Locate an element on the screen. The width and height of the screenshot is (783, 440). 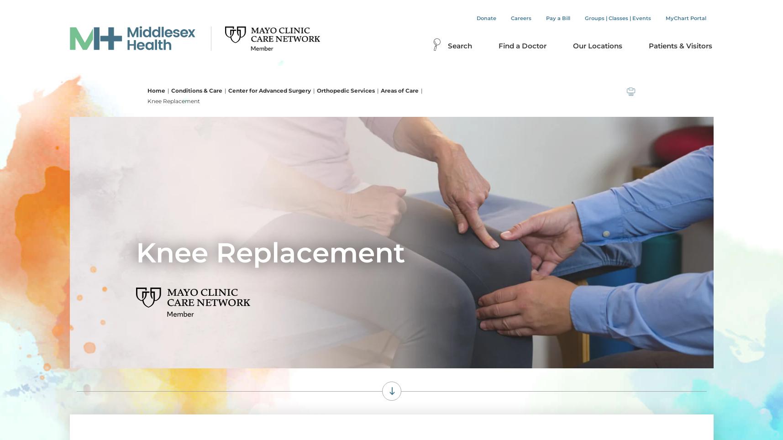
'Find a Doctor' is located at coordinates (522, 45).